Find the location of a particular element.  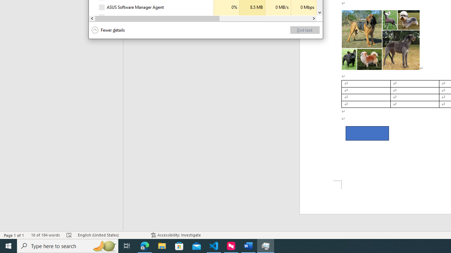

'Microsoft Edge - 1 running window' is located at coordinates (144, 245).